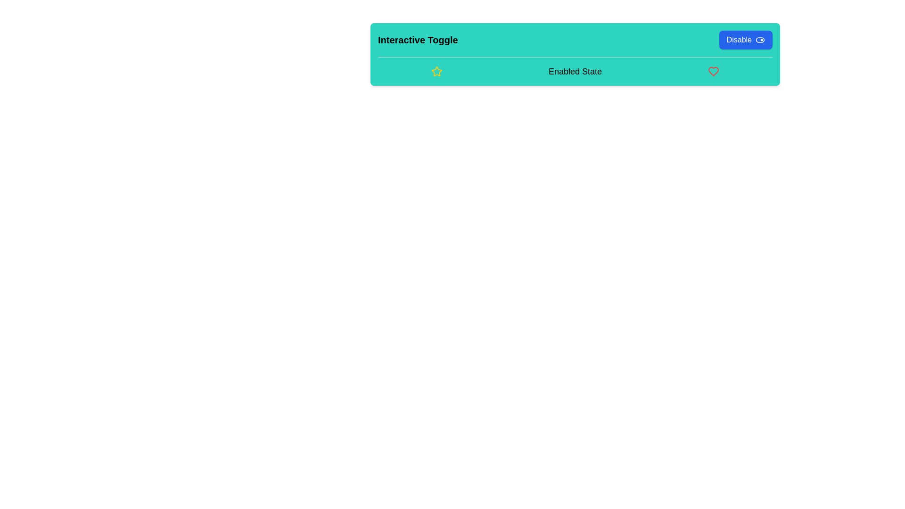 This screenshot has height=509, width=905. I want to click on the toggle button located to the right of the text 'Interactive Toggle' to observe its hover effect, so click(745, 39).